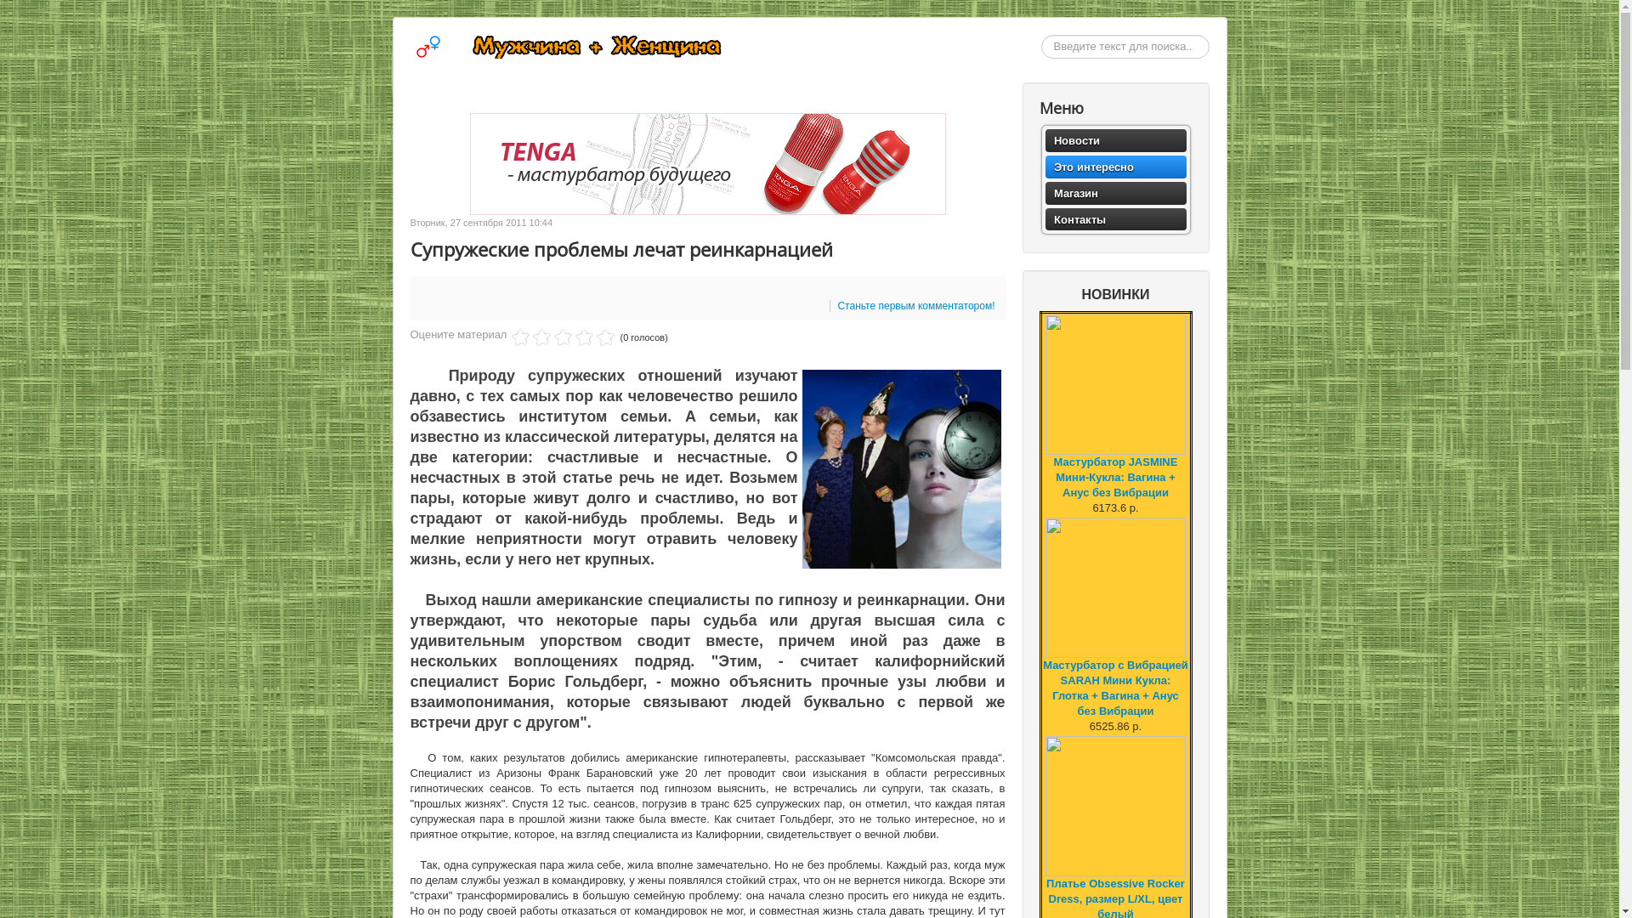 This screenshot has height=918, width=1632. What do you see at coordinates (541, 337) in the screenshot?
I see `'3'` at bounding box center [541, 337].